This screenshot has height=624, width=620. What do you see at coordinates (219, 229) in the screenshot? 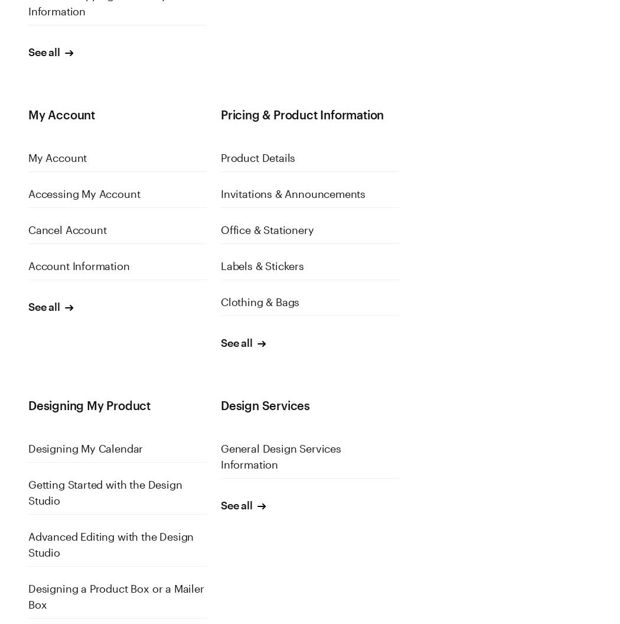
I see `'Office & Stationery'` at bounding box center [219, 229].